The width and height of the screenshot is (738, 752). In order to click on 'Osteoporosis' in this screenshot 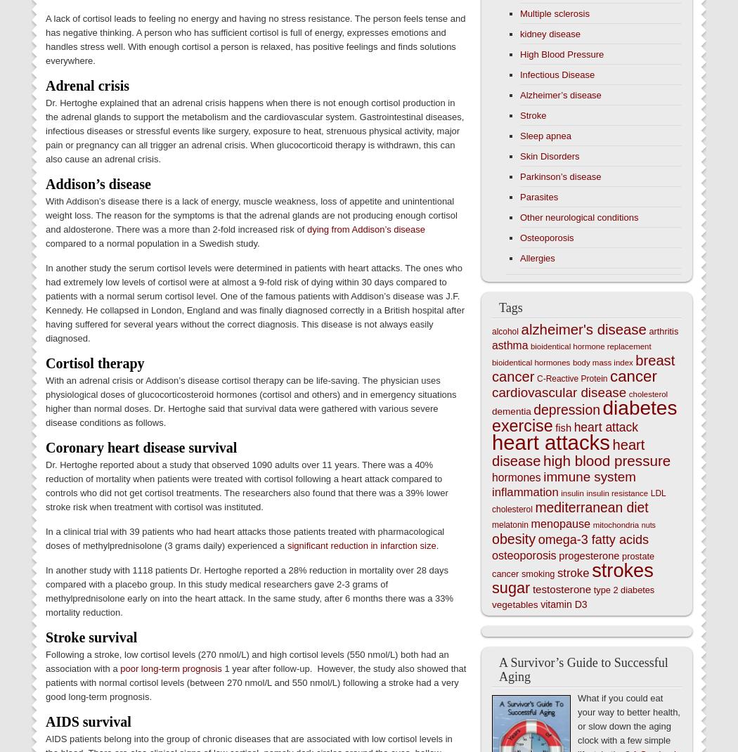, I will do `click(547, 238)`.